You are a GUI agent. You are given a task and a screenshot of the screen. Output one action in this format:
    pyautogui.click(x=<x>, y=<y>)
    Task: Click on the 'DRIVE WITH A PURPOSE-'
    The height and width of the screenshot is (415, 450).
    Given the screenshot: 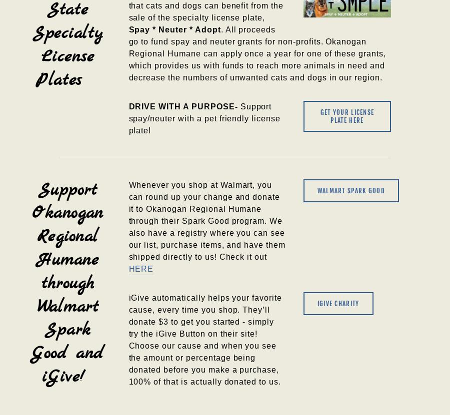 What is the action you would take?
    pyautogui.click(x=184, y=106)
    